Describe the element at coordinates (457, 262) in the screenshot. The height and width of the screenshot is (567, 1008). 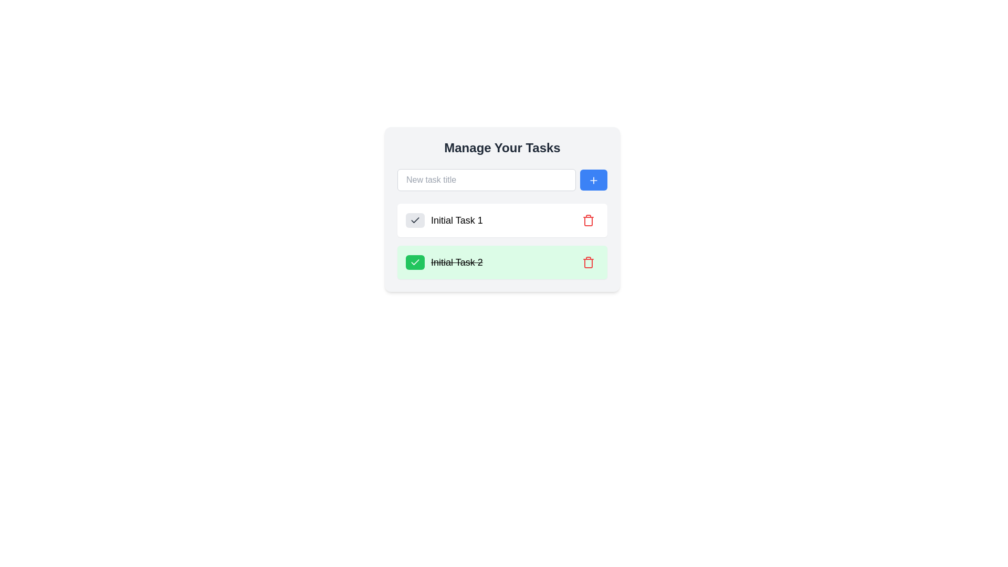
I see `the bold, line-through text label reading 'Initial Task 2', which is centrally aligned in its row within a task item component` at that location.